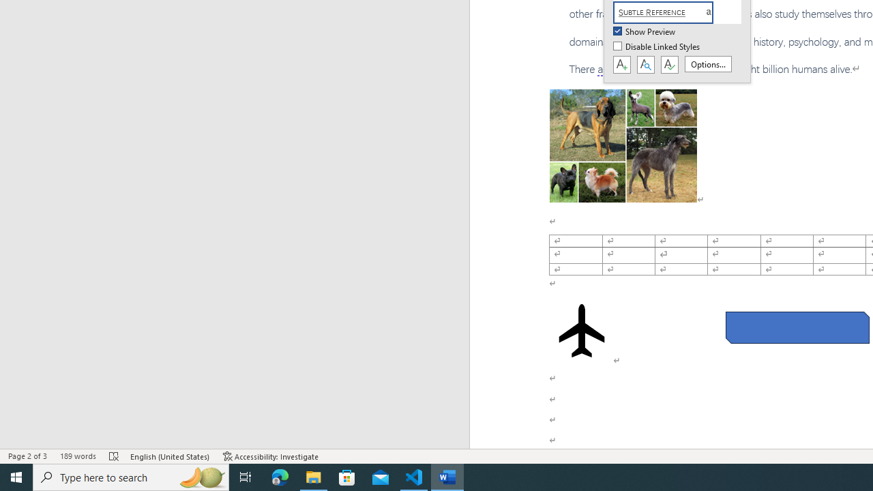 This screenshot has height=491, width=873. I want to click on 'Options...', so click(708, 63).